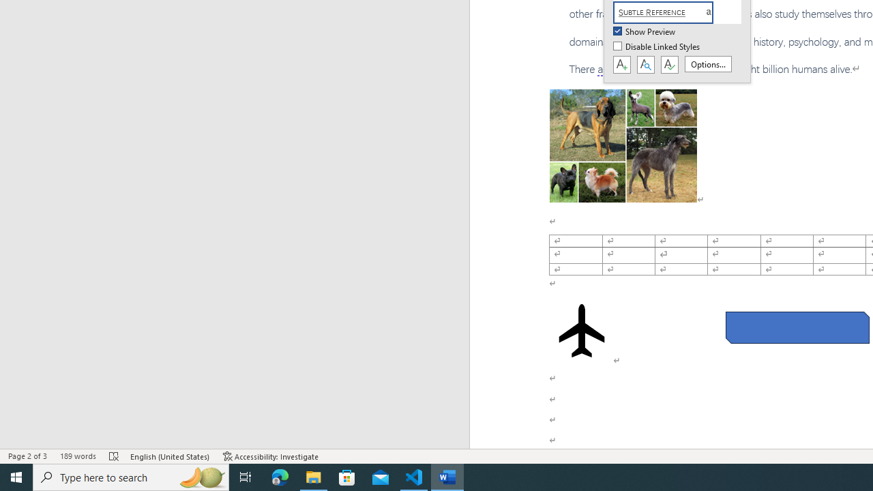 This screenshot has height=491, width=873. I want to click on 'Options...', so click(708, 63).